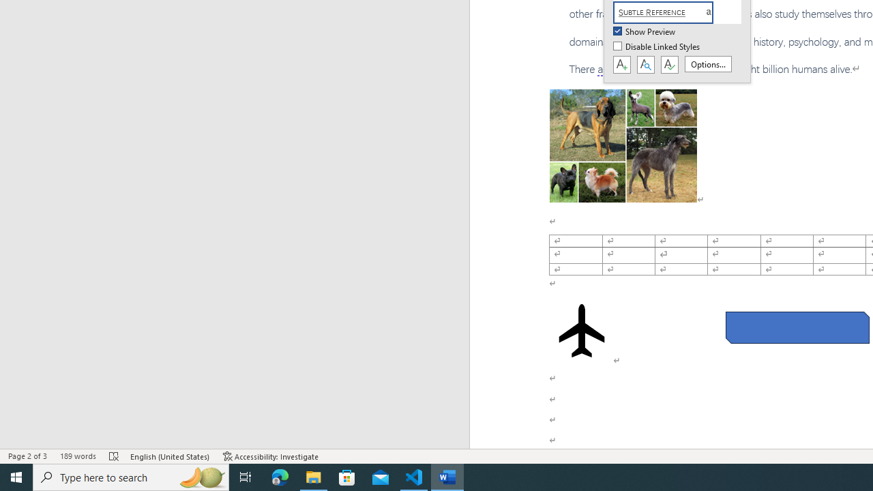 This screenshot has height=491, width=873. I want to click on 'Options...', so click(708, 63).